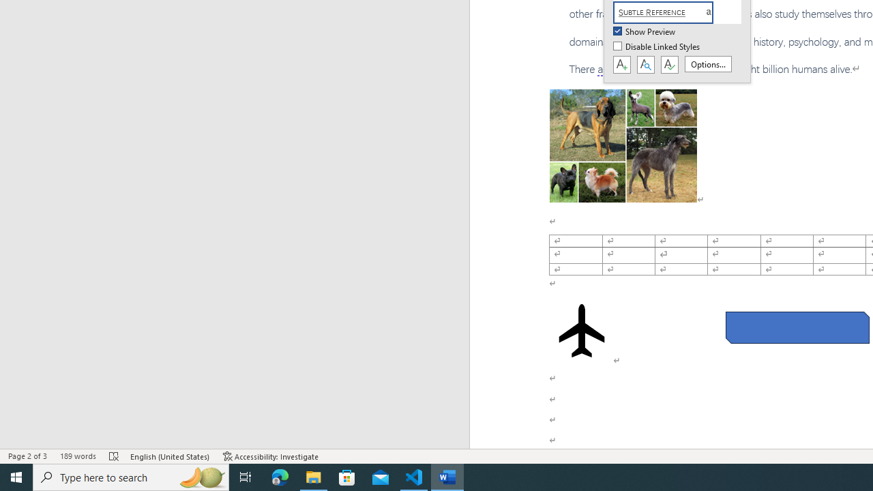 This screenshot has height=491, width=873. I want to click on 'Options...', so click(708, 63).